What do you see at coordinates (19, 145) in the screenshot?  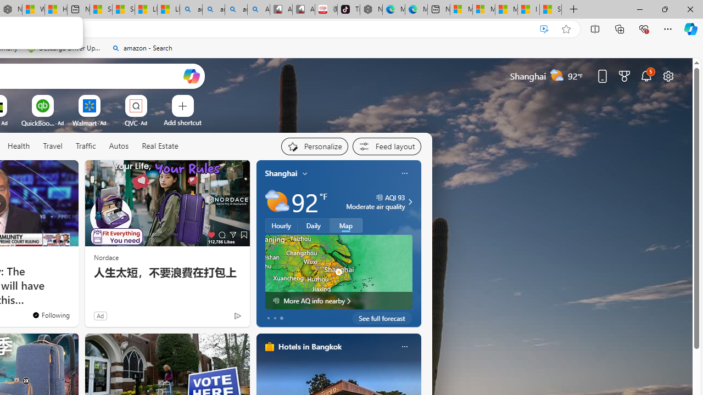 I see `'Health'` at bounding box center [19, 145].